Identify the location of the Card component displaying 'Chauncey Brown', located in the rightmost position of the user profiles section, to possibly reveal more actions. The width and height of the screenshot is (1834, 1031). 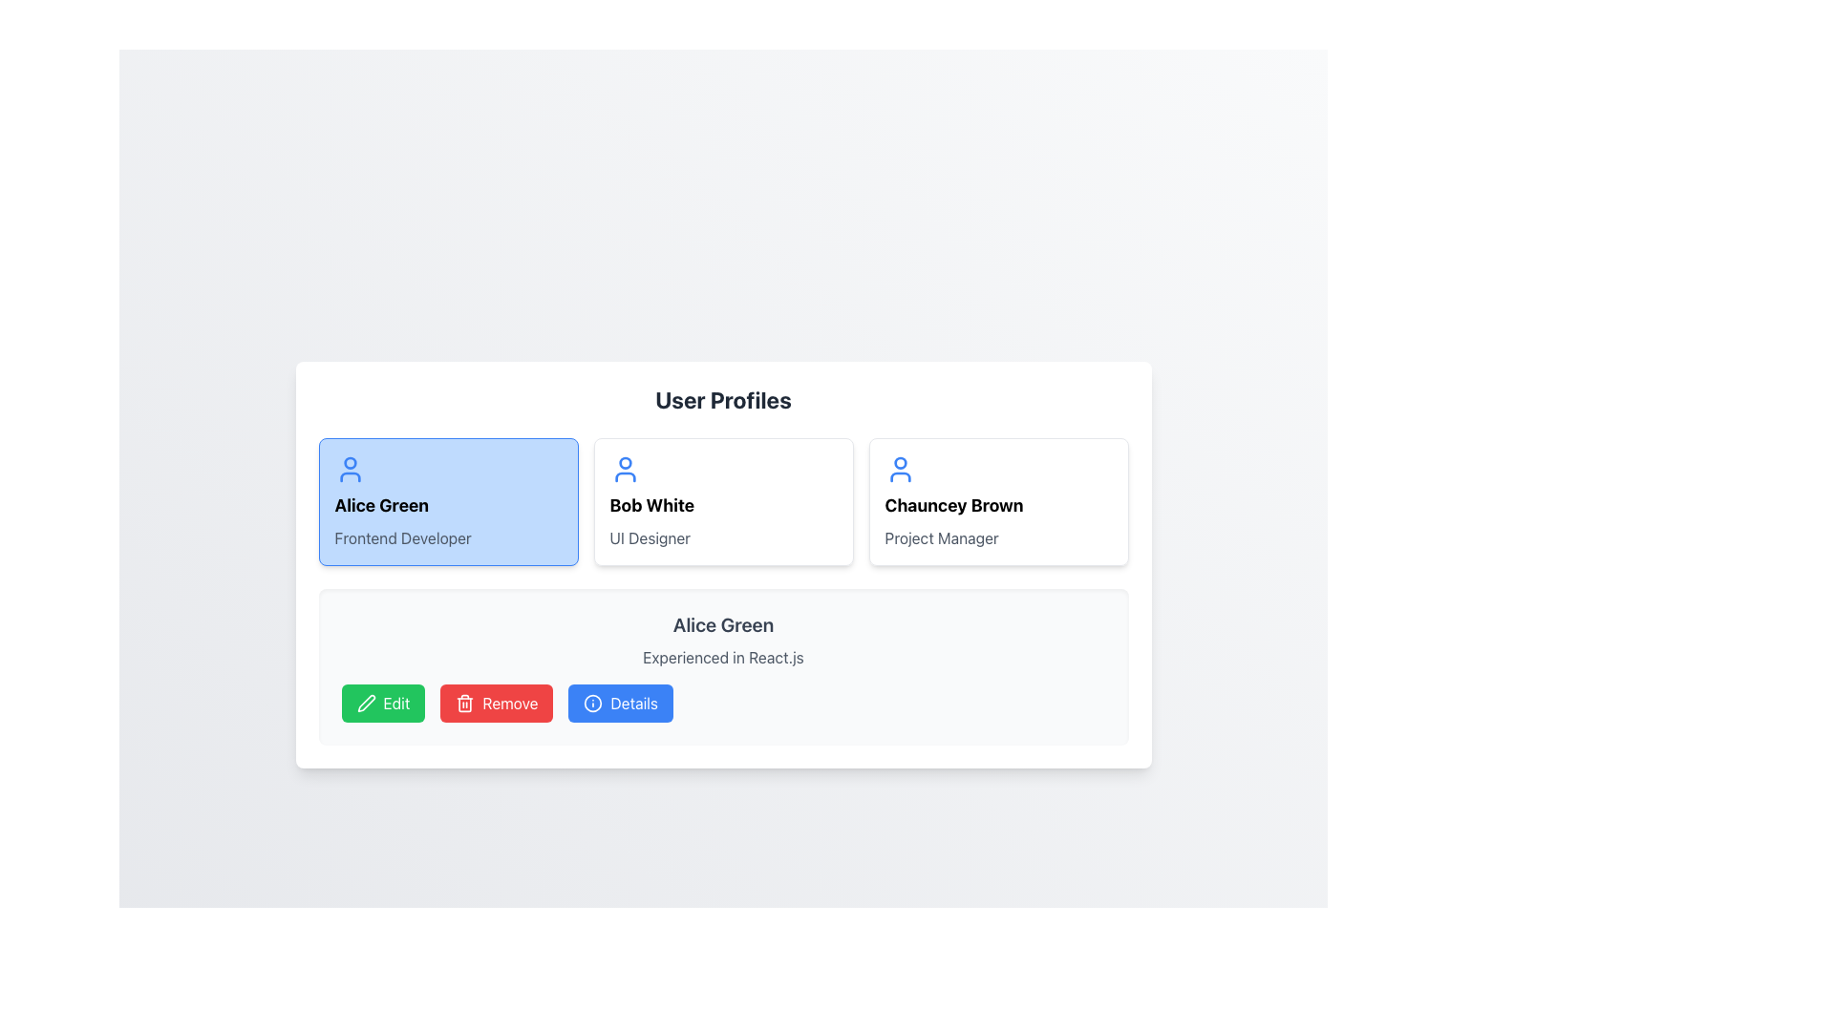
(997, 500).